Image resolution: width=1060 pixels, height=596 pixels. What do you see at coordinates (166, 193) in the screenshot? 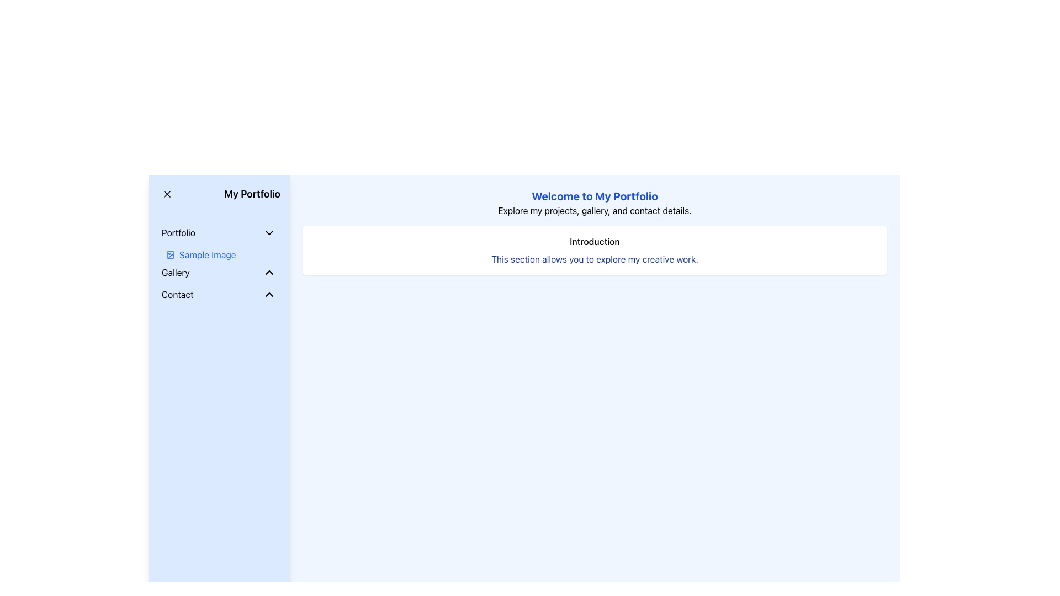
I see `the close button represented by an 'X' shape` at bounding box center [166, 193].